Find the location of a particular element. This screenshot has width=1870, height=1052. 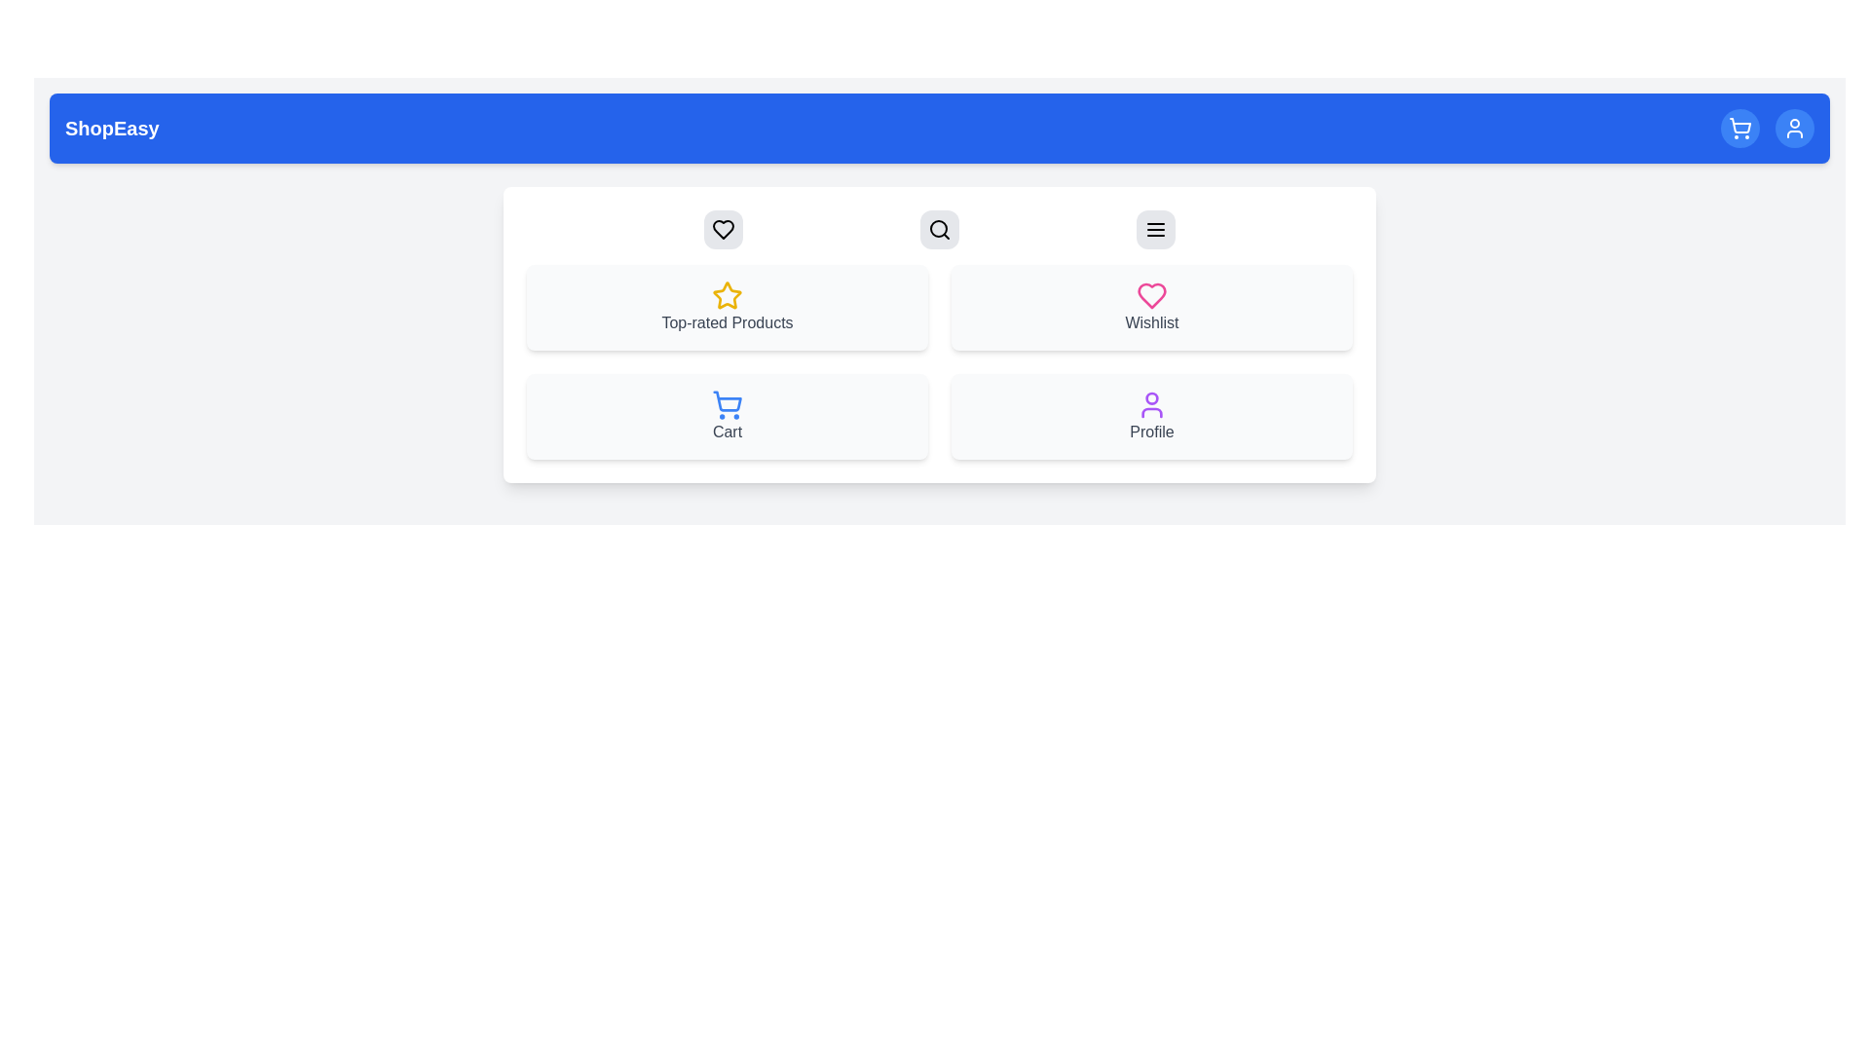

the text label displaying the application or website's name, which is located on the left side of the top navigation bar is located at coordinates (111, 128).